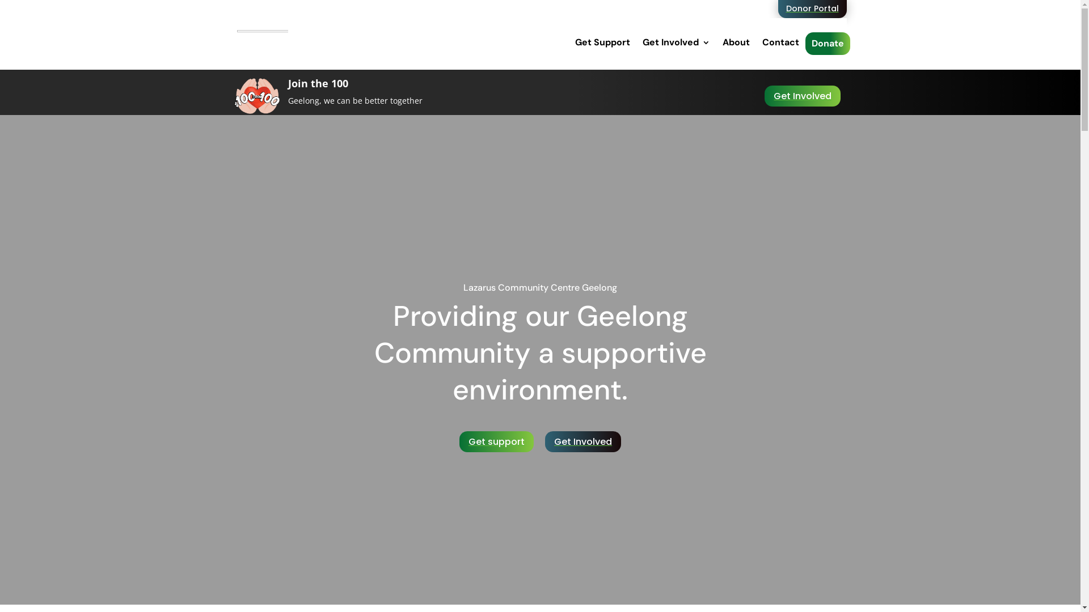 This screenshot has width=1089, height=612. Describe the element at coordinates (802, 95) in the screenshot. I see `'Get Involved'` at that location.